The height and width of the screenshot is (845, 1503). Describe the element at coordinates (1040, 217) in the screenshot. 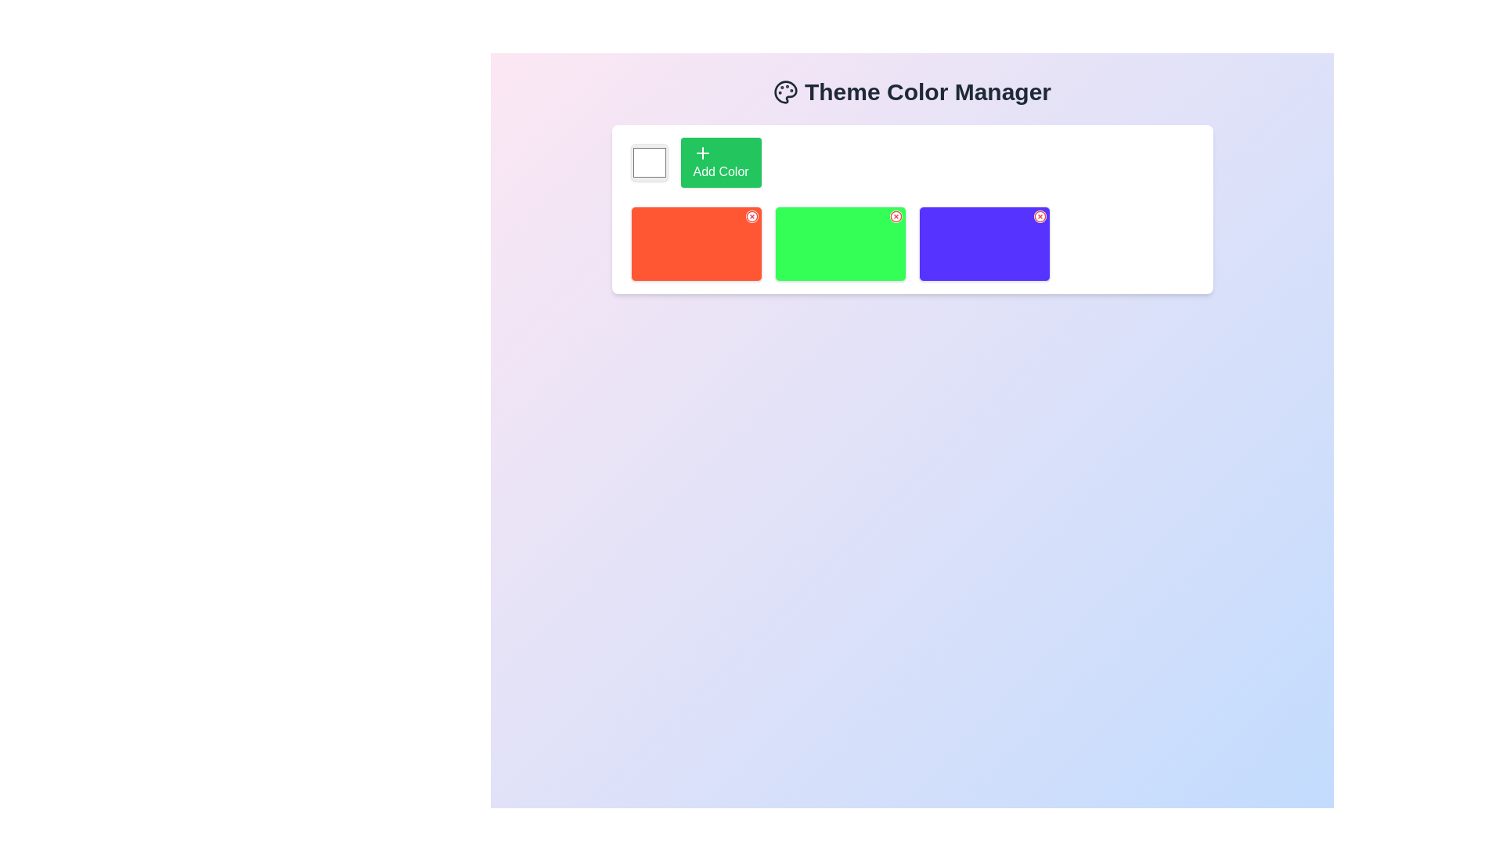

I see `the close button located in the upper-right corner of the purple block` at that location.